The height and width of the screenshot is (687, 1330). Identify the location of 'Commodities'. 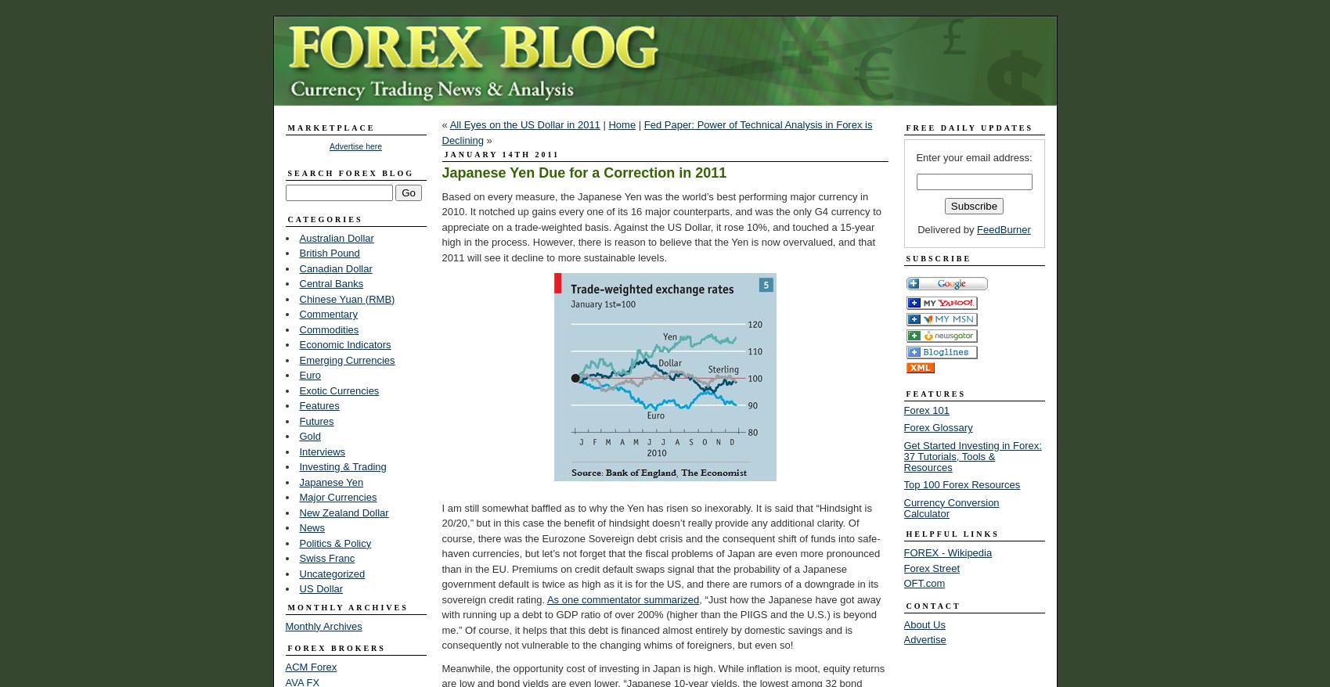
(328, 329).